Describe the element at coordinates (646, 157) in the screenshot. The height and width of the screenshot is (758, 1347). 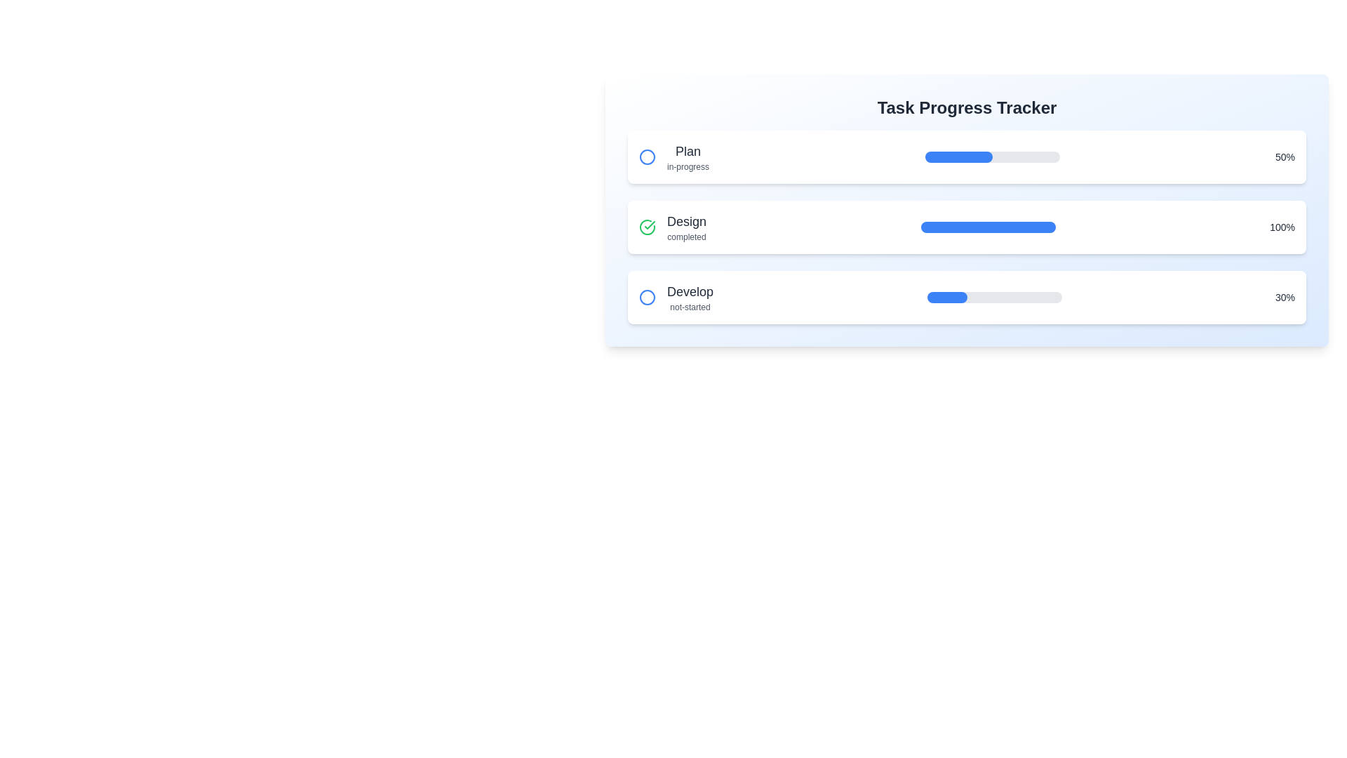
I see `the status indicator icon (circle)` at that location.